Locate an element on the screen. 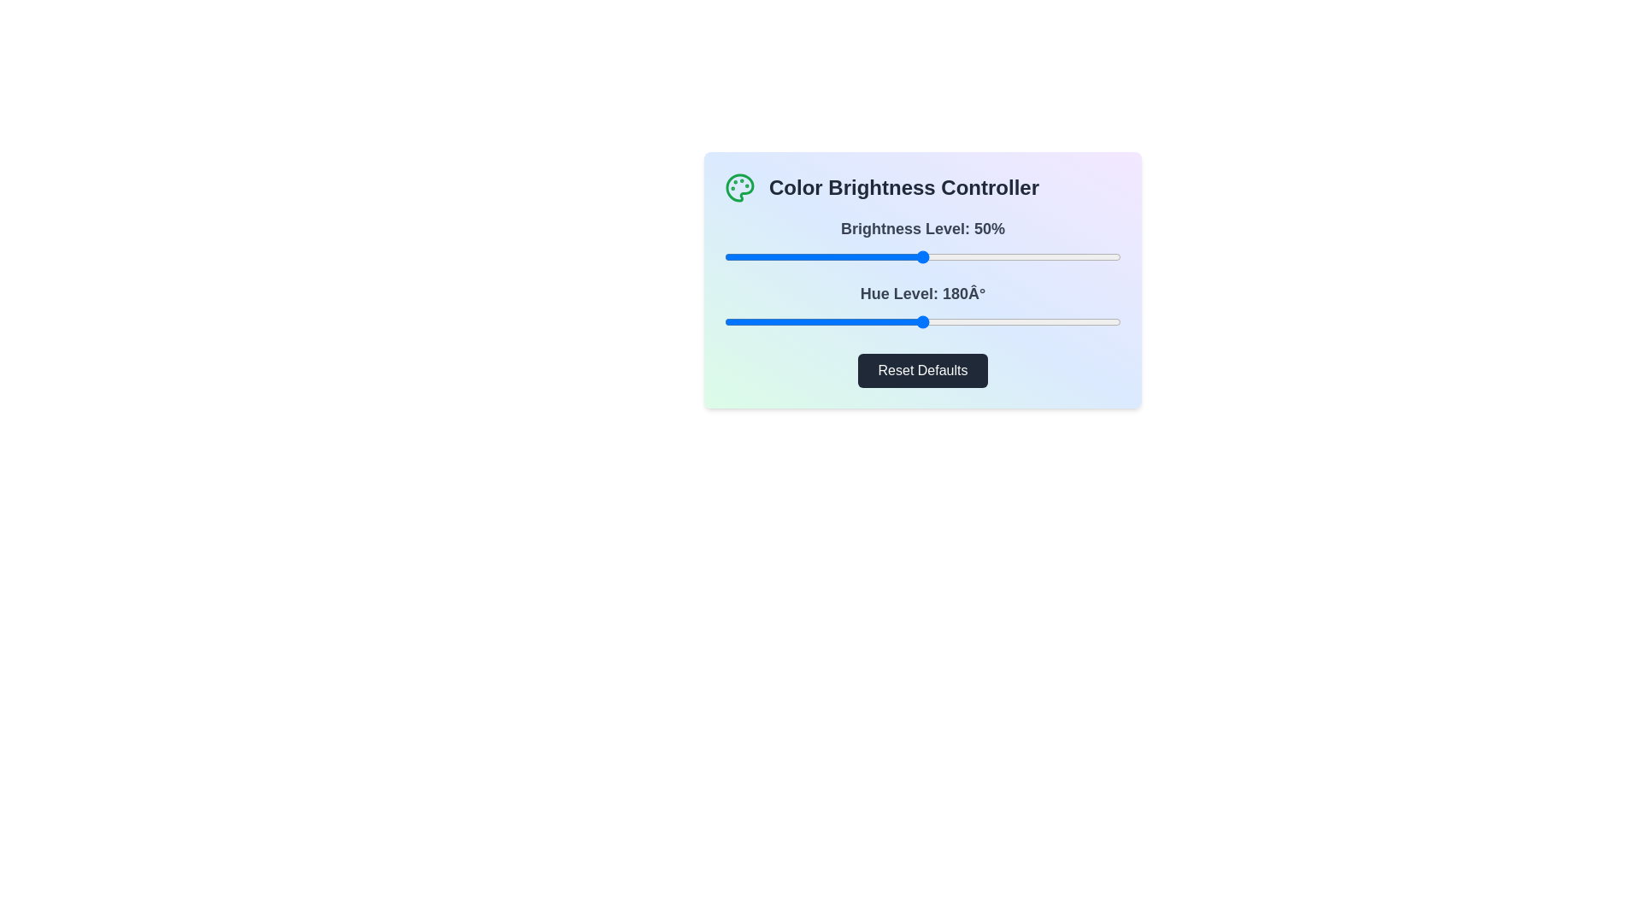 The width and height of the screenshot is (1641, 923). the hue level to 108° by interacting with the hue slider is located at coordinates (844, 322).